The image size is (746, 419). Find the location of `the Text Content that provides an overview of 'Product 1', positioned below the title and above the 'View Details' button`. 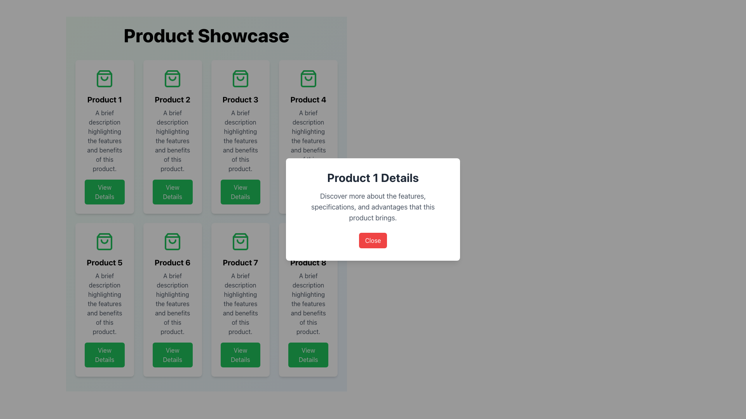

the Text Content that provides an overview of 'Product 1', positioned below the title and above the 'View Details' button is located at coordinates (104, 140).